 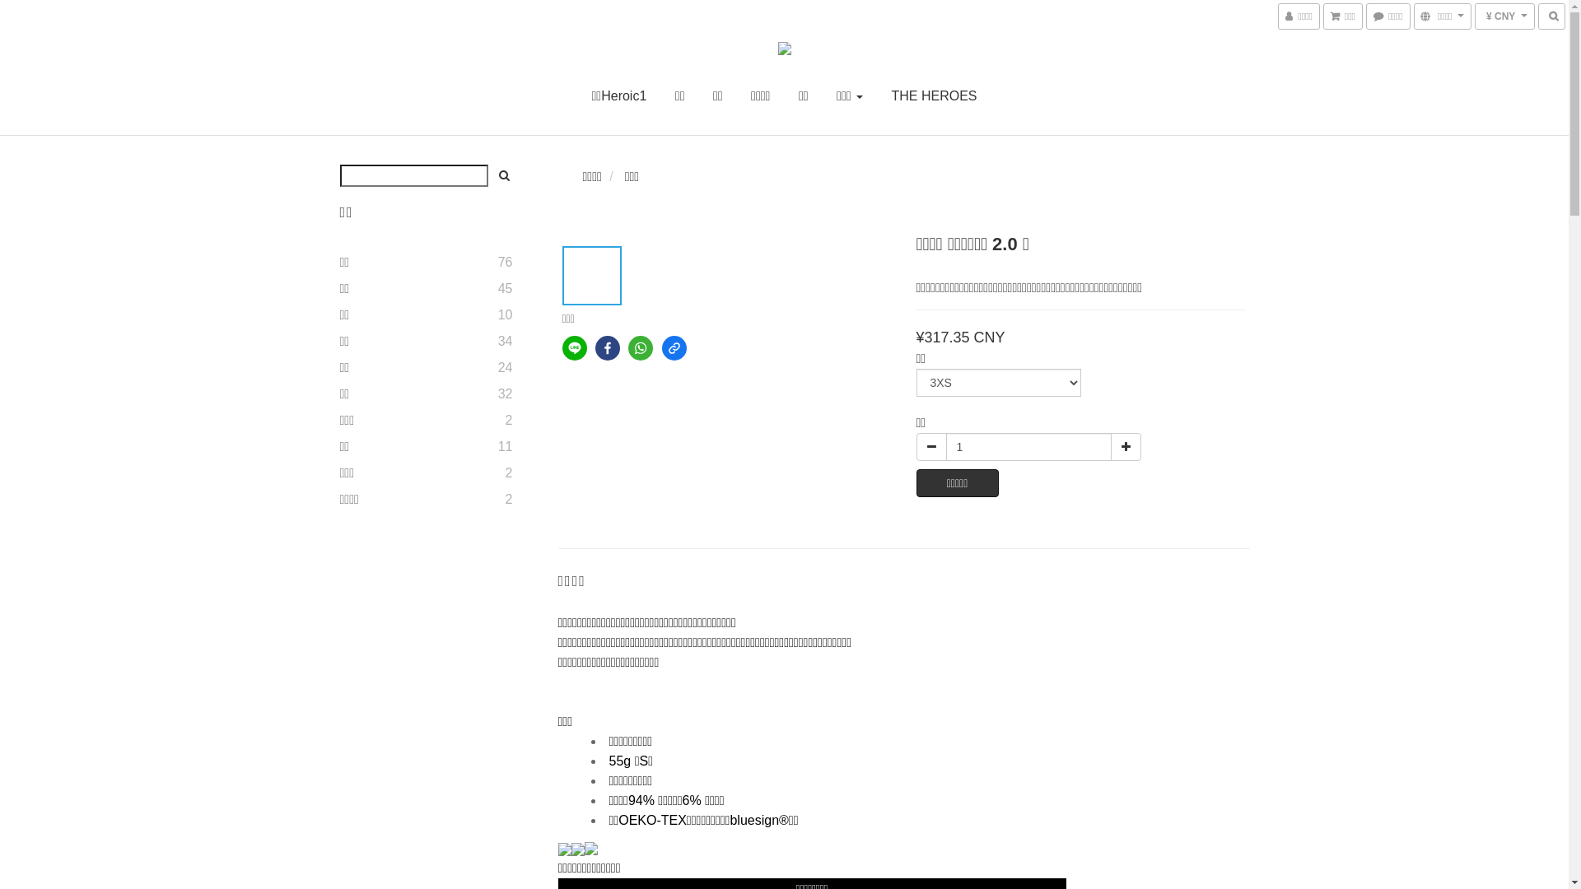 I want to click on 'line', so click(x=573, y=347).